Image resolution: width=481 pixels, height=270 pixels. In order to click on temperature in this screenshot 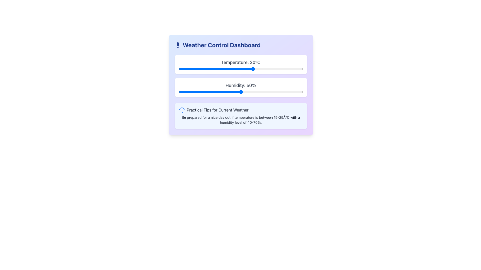, I will do `click(246, 69)`.